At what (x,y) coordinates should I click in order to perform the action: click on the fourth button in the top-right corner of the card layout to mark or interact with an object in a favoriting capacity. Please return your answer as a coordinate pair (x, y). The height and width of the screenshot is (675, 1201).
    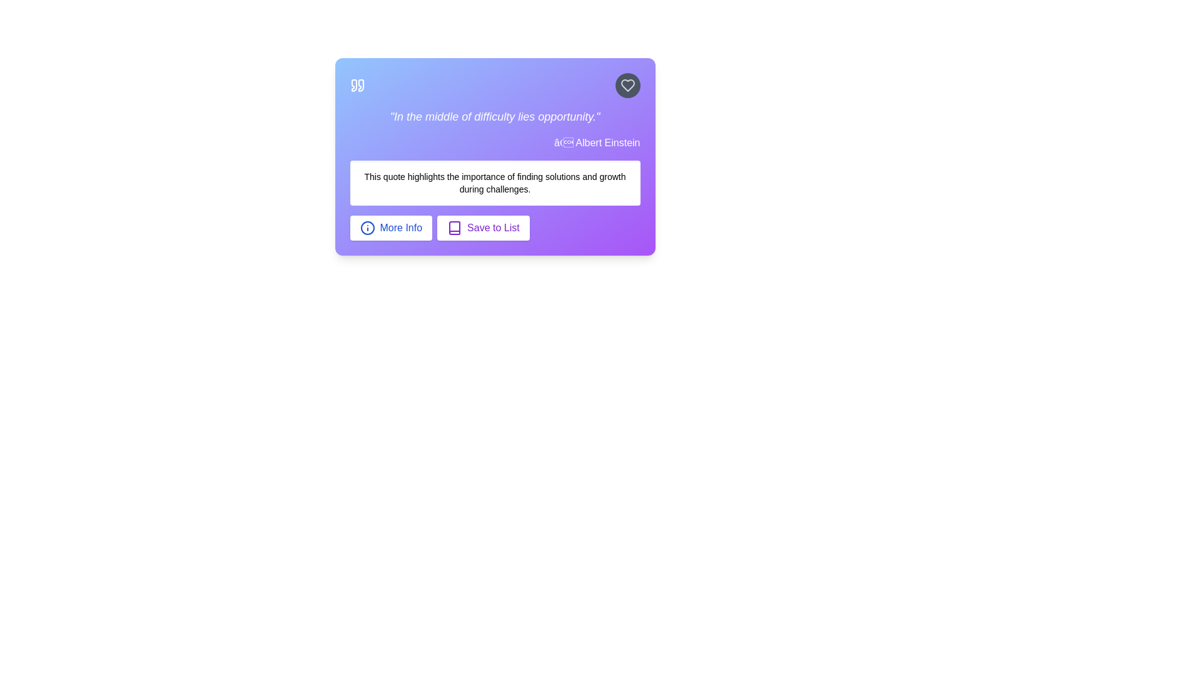
    Looking at the image, I should click on (627, 85).